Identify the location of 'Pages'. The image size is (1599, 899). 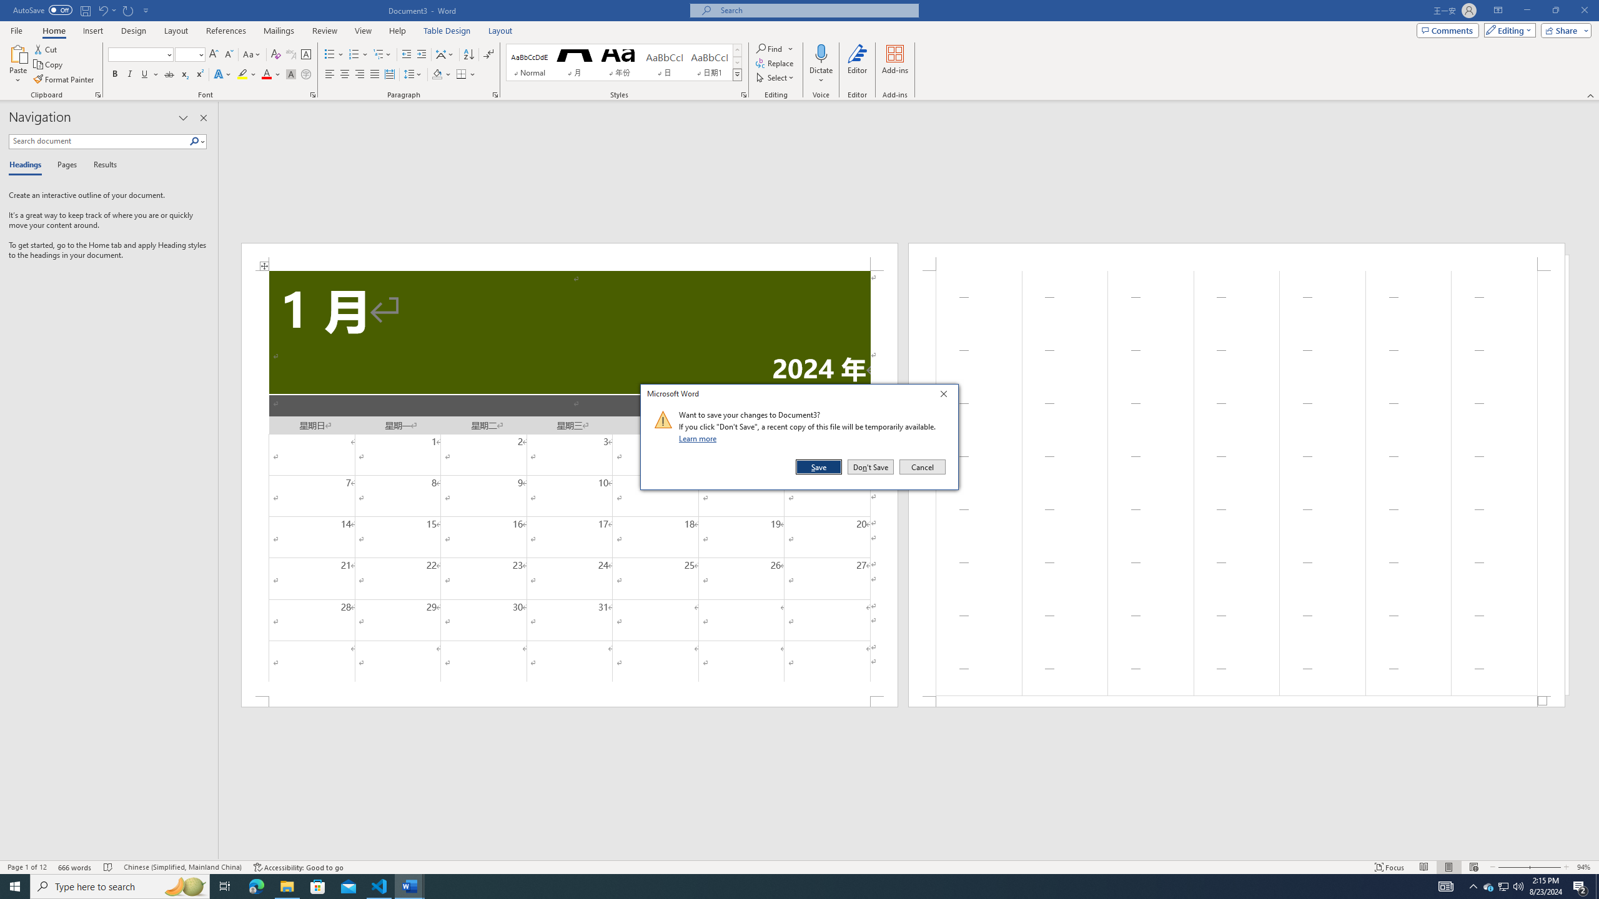
(64, 165).